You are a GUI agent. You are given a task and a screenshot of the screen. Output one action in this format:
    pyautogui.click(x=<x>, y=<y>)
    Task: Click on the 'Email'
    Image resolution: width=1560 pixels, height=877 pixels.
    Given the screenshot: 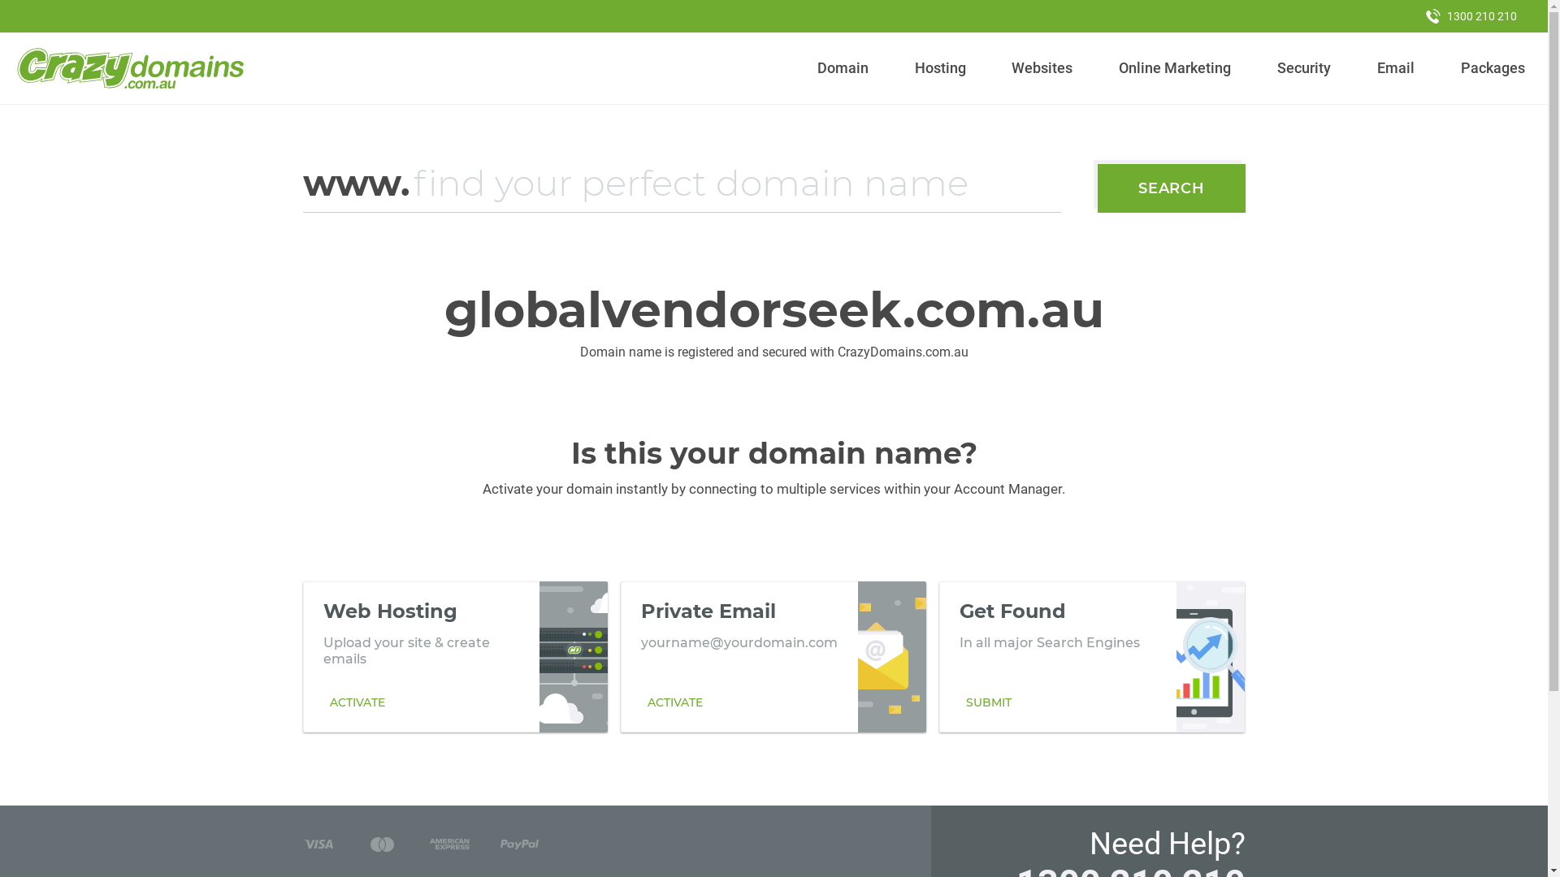 What is the action you would take?
    pyautogui.click(x=1394, y=67)
    